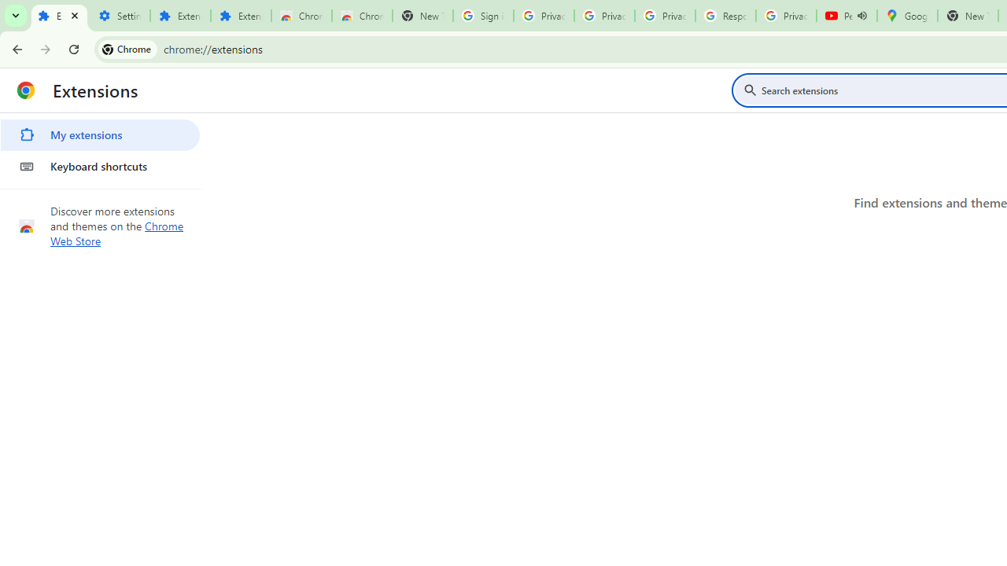 This screenshot has width=1007, height=566. I want to click on 'Extensions', so click(180, 16).